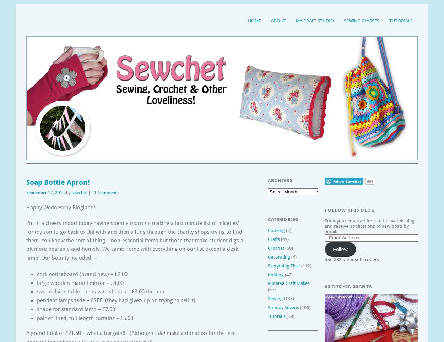 The image size is (444, 342). I want to click on 'Sewing, crochet, crafts, accessories, baking, tutorials,', so click(89, 23).